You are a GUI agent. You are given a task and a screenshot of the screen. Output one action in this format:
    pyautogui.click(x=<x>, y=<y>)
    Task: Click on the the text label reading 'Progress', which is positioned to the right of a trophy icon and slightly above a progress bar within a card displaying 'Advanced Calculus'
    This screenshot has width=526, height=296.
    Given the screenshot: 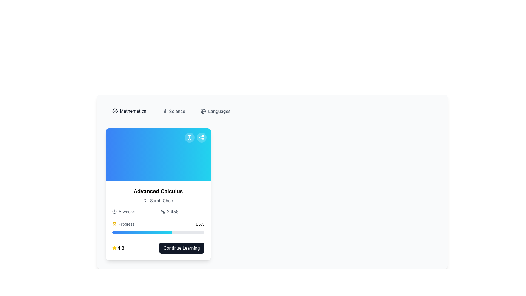 What is the action you would take?
    pyautogui.click(x=126, y=224)
    